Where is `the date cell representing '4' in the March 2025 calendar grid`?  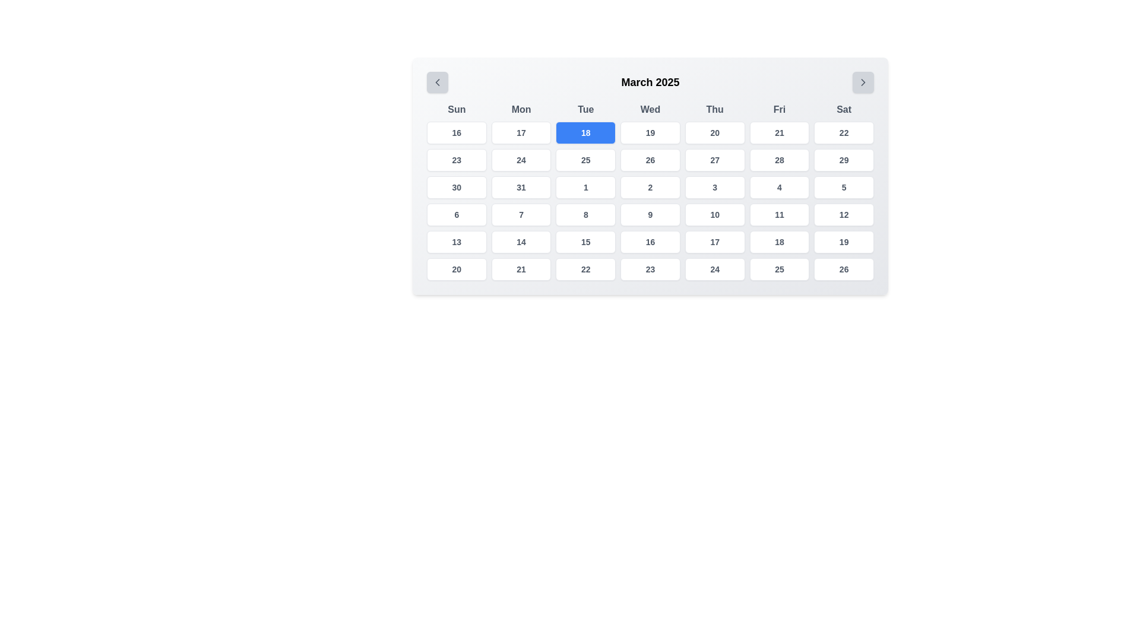 the date cell representing '4' in the March 2025 calendar grid is located at coordinates (779, 187).